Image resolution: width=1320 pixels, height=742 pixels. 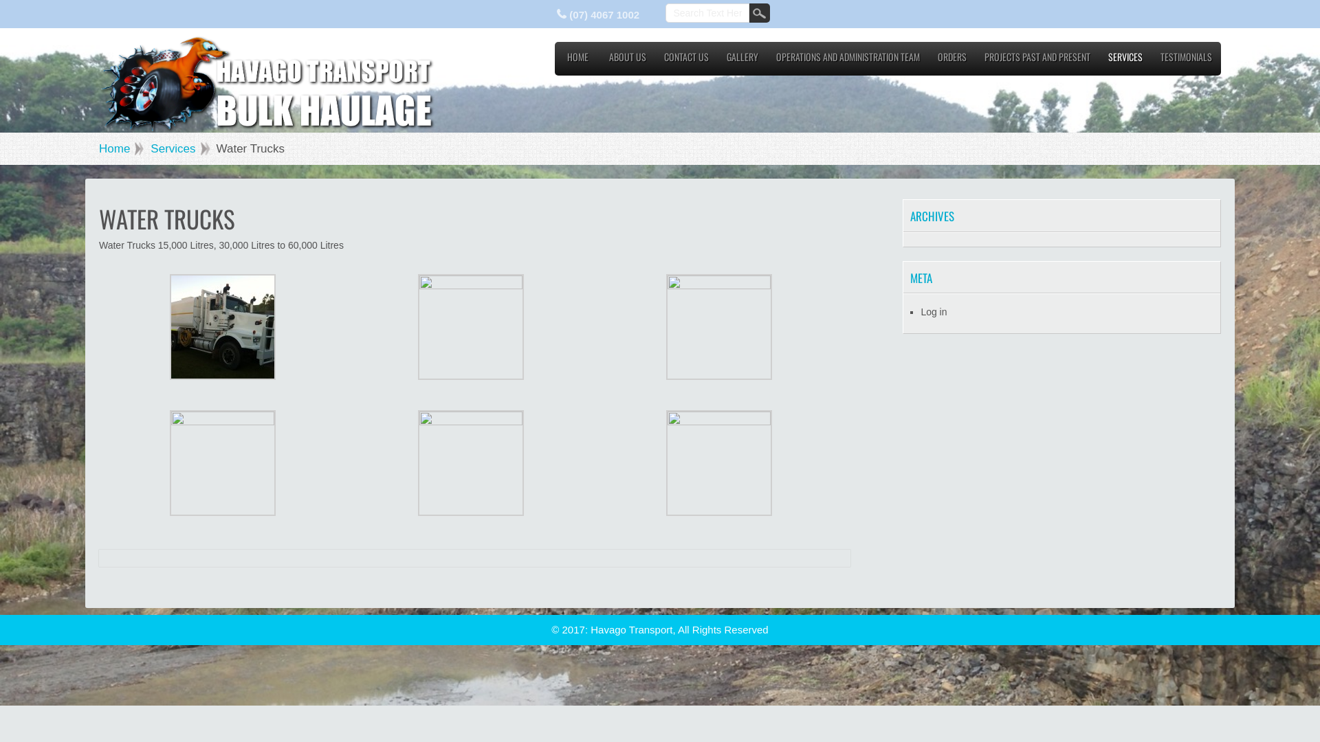 What do you see at coordinates (758, 13) in the screenshot?
I see `'Search'` at bounding box center [758, 13].